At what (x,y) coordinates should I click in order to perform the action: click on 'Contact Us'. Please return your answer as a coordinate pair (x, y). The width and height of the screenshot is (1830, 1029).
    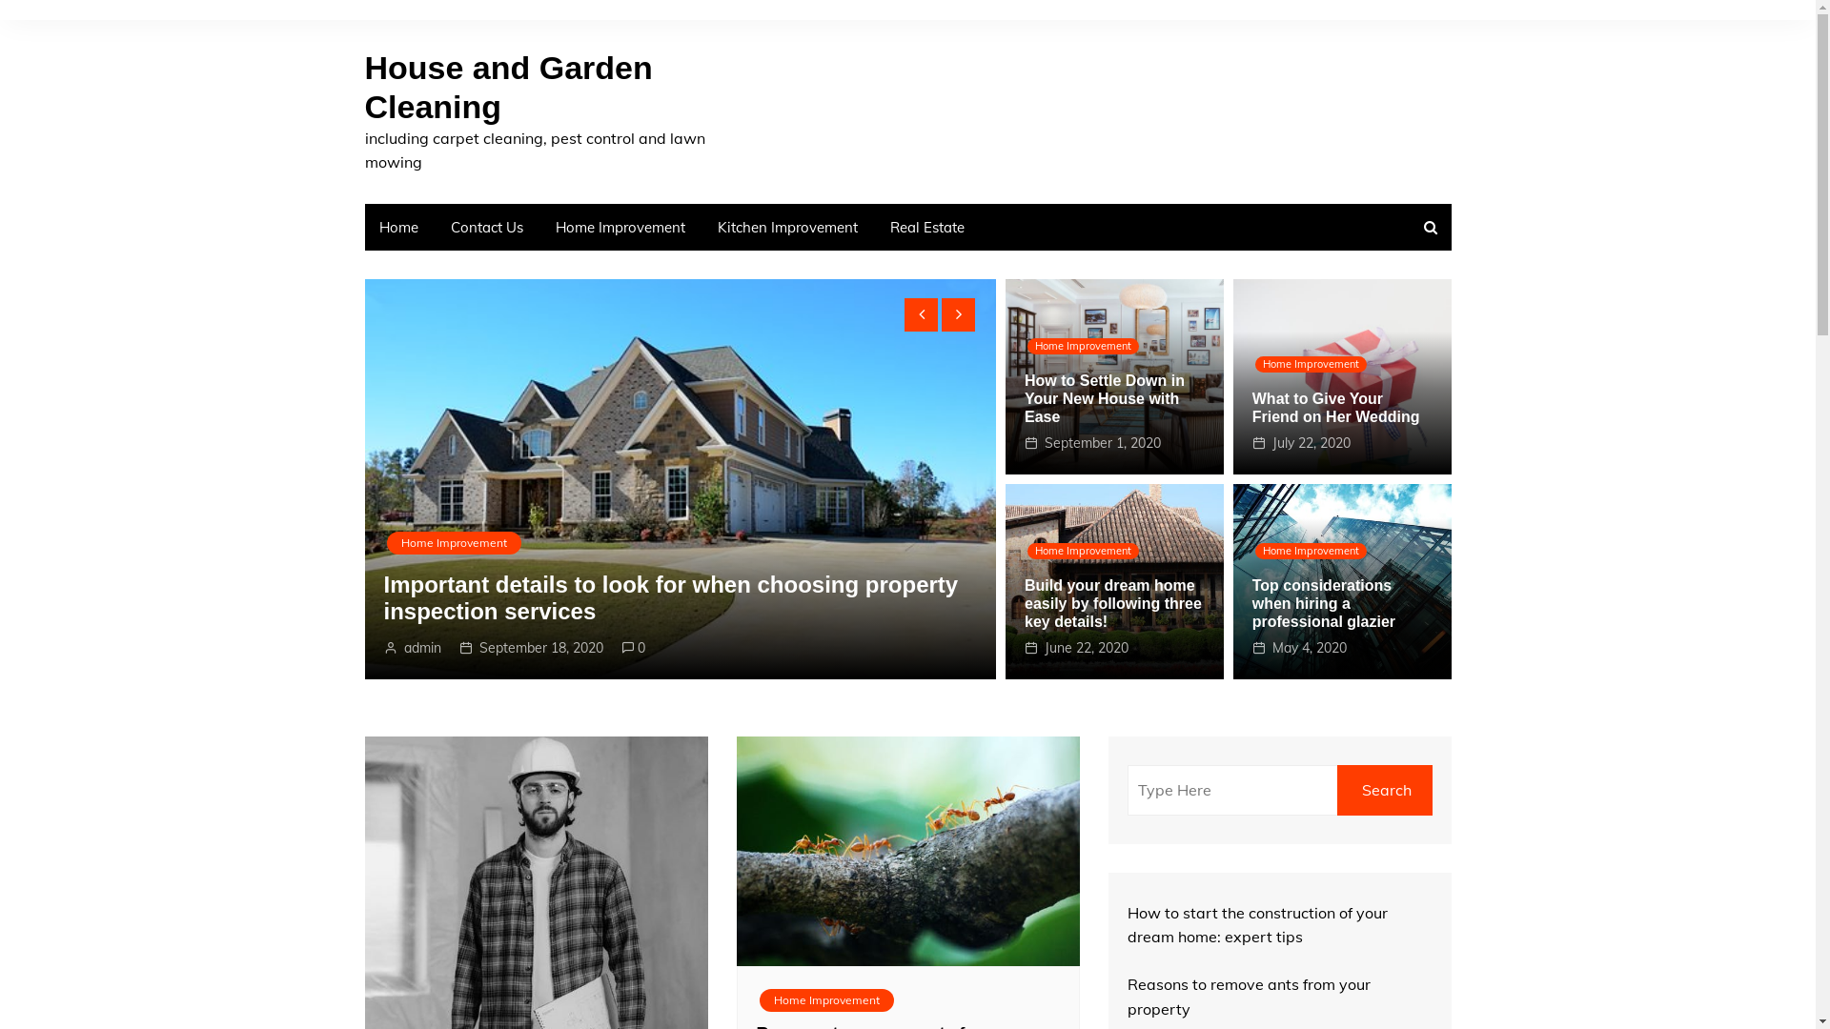
    Looking at the image, I should click on (486, 226).